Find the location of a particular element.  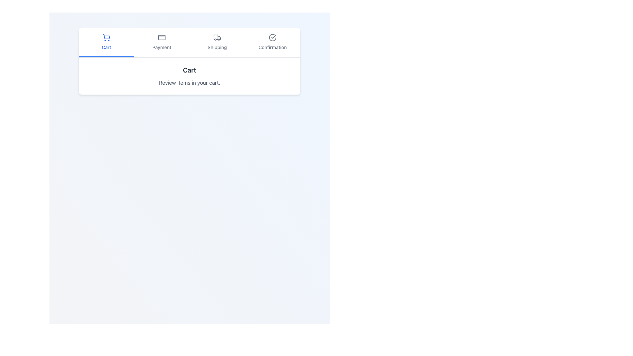

the Navigation Tab with the truck icon and the text 'Shipping' is located at coordinates (217, 42).